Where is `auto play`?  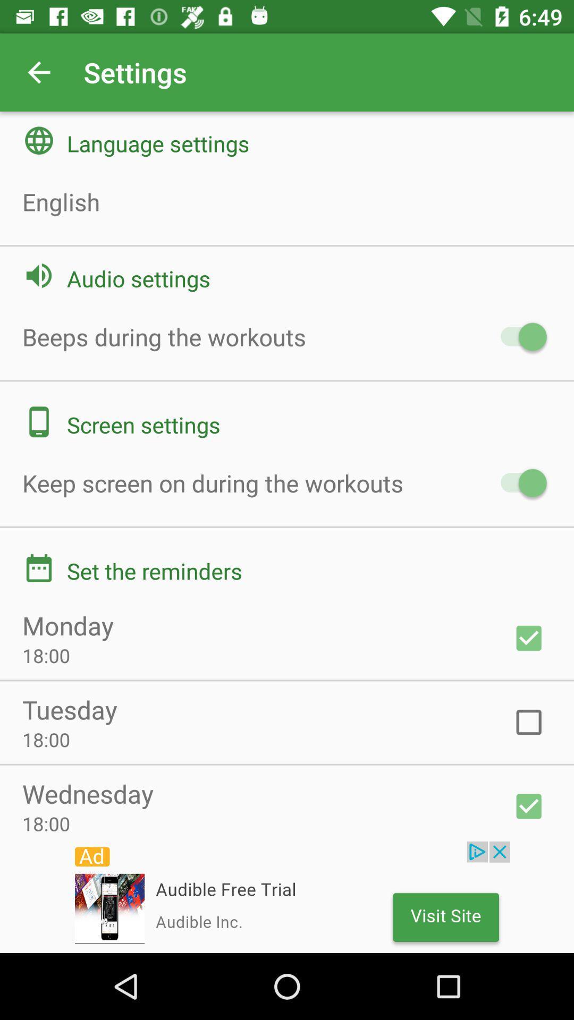
auto play is located at coordinates (518, 336).